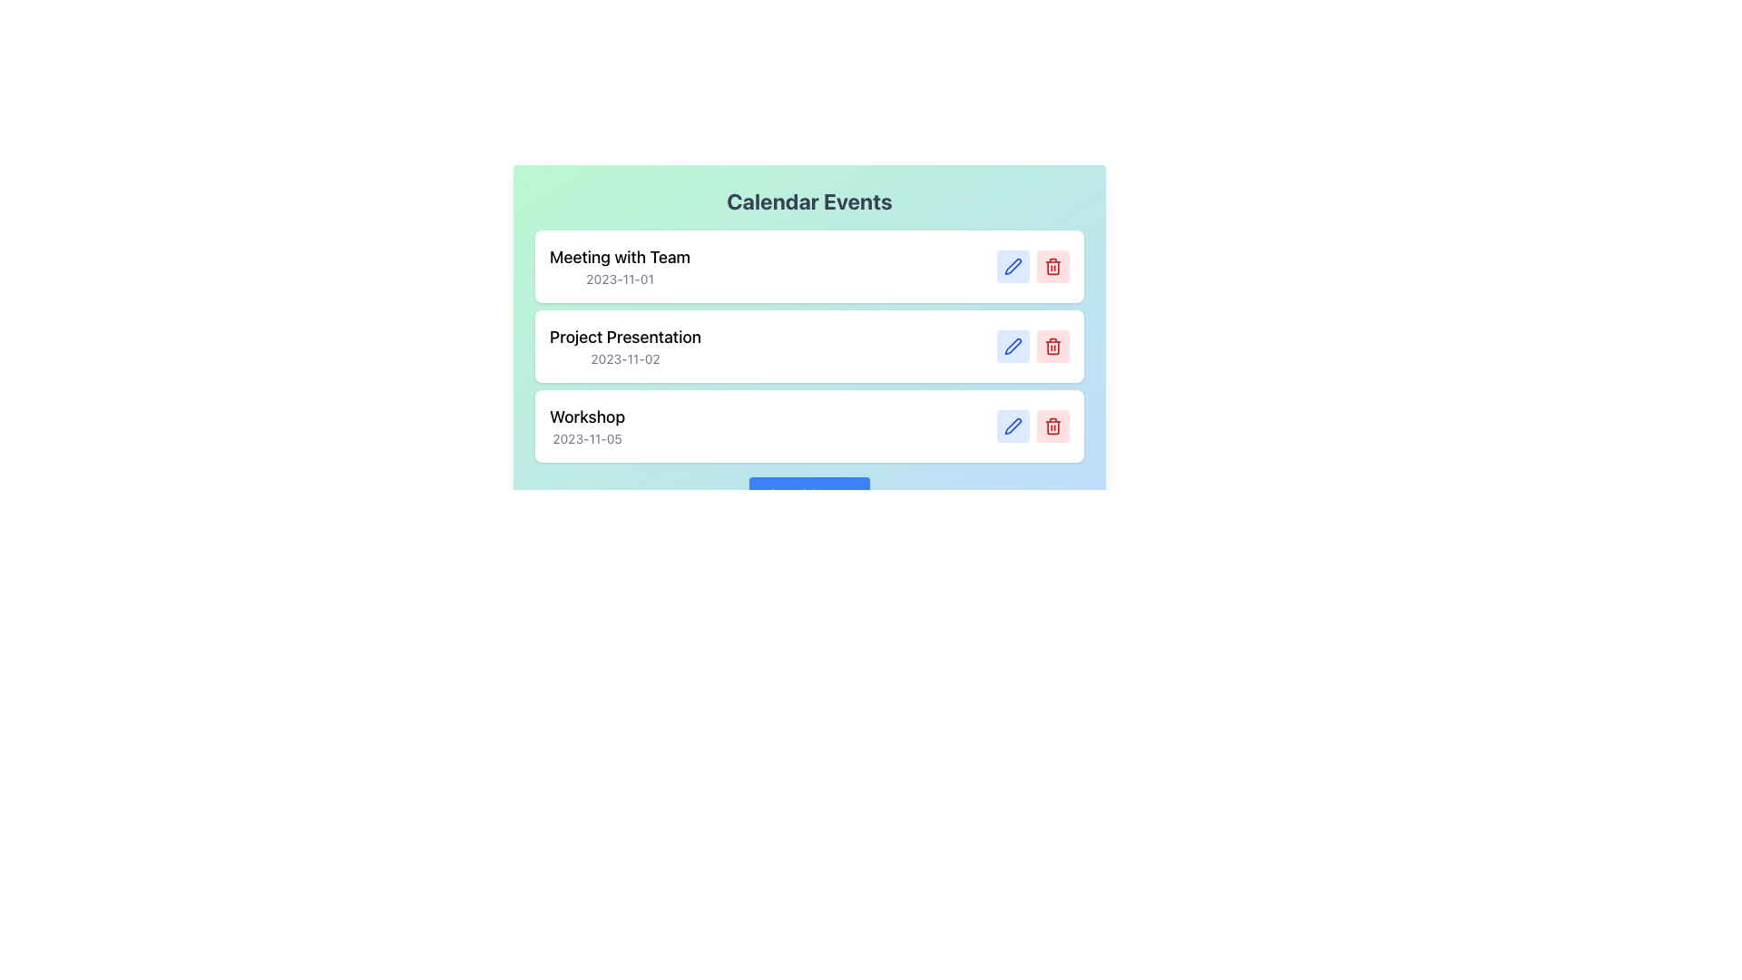 The height and width of the screenshot is (980, 1742). What do you see at coordinates (587, 416) in the screenshot?
I see `the Label that identifies the title of the event in the calendar application, located in the bottom-most event block to the left of the date '2023-11-05'` at bounding box center [587, 416].